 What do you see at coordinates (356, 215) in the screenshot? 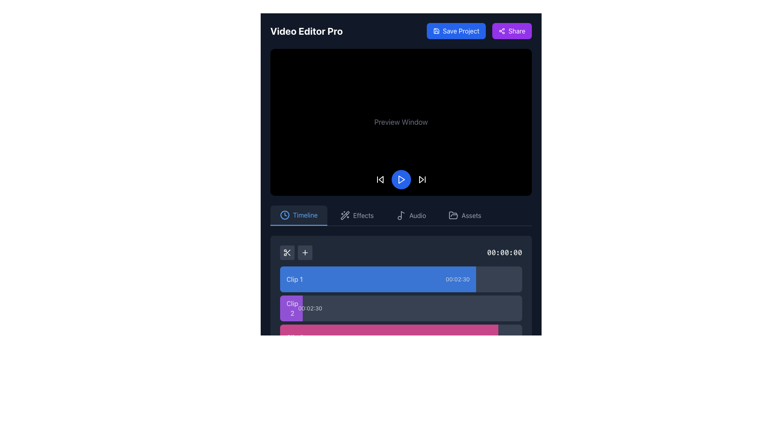
I see `the 'Effects' button, which is the second option in the horizontal navigation group, to switch to the Effects section of the application` at bounding box center [356, 215].